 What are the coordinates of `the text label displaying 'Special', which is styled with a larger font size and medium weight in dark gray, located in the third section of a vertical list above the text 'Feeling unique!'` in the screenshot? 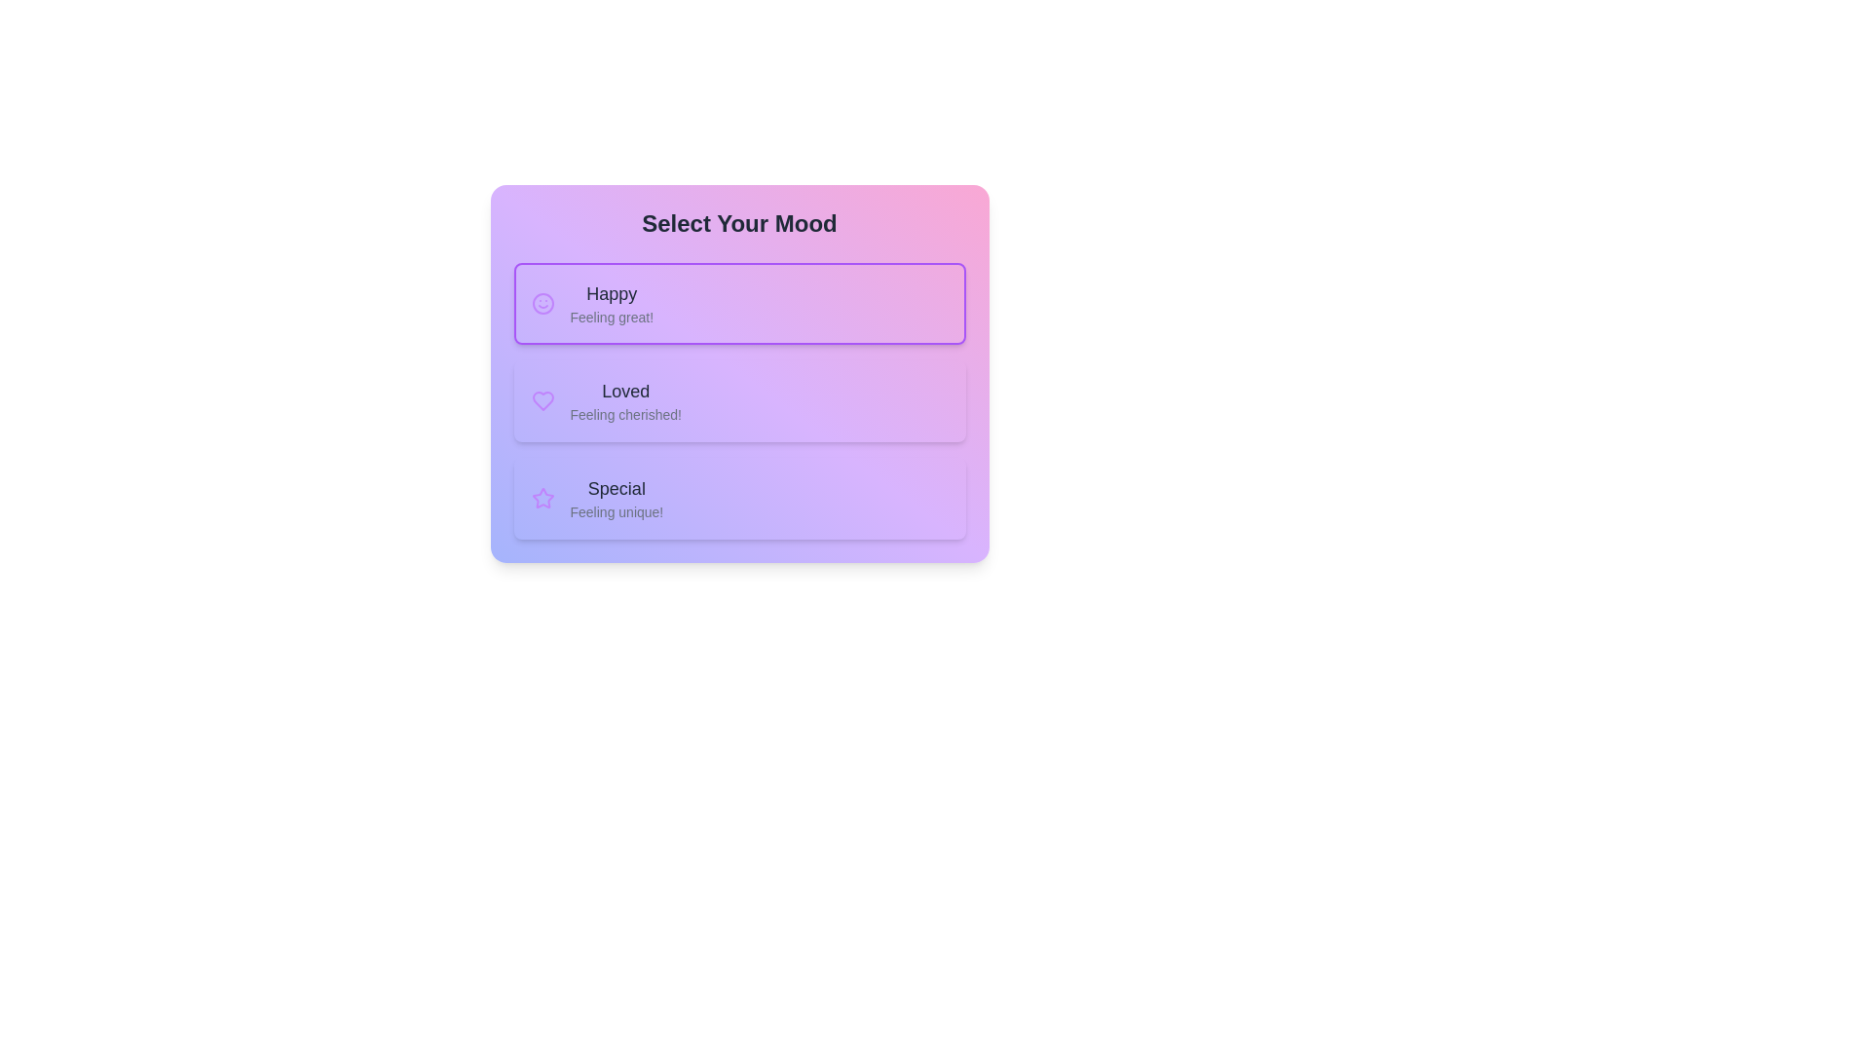 It's located at (616, 487).